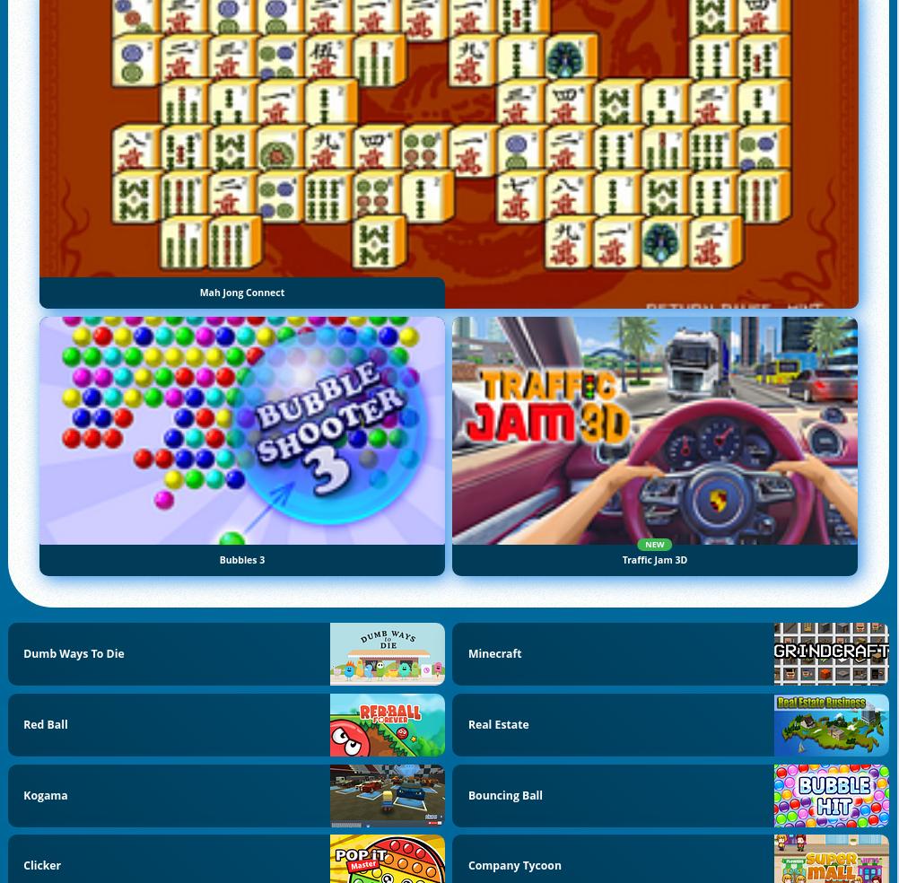  I want to click on 'Traffic Jam 3D', so click(654, 558).